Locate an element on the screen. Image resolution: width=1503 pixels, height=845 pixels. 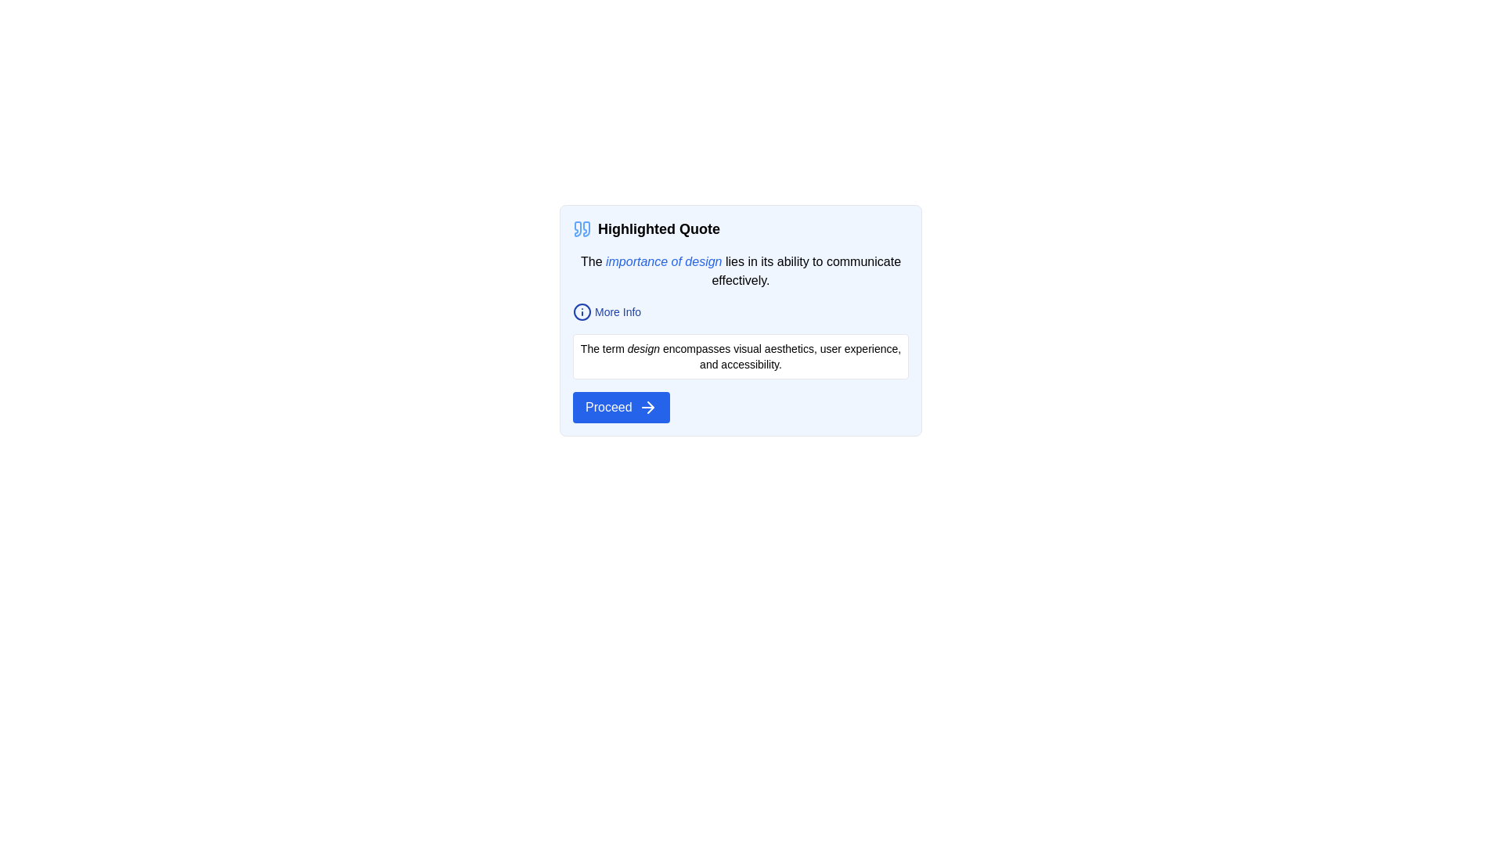
the decorative icon indicating a quote in the 'Highlighted Quote' section, which is the first element in the group and aligned at the top of the card layout is located at coordinates (582, 229).